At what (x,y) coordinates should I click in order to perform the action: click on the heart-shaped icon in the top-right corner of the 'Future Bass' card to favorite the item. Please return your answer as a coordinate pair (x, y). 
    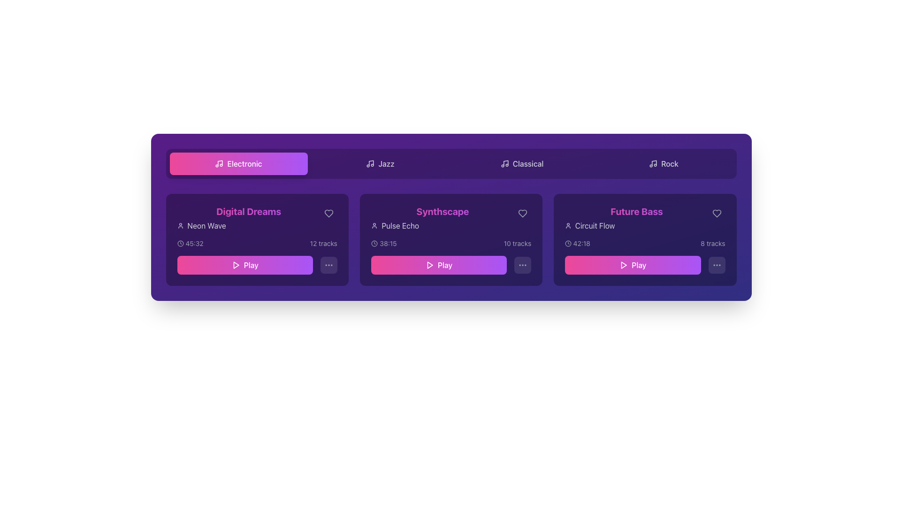
    Looking at the image, I should click on (716, 214).